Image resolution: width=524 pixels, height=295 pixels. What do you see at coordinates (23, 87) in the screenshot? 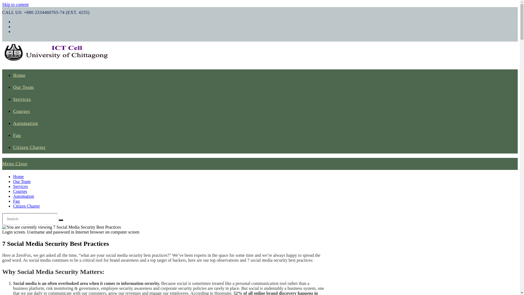
I see `'Our Team'` at bounding box center [23, 87].